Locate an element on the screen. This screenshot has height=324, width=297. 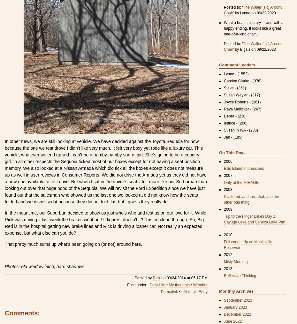
'2009' is located at coordinates (228, 209).